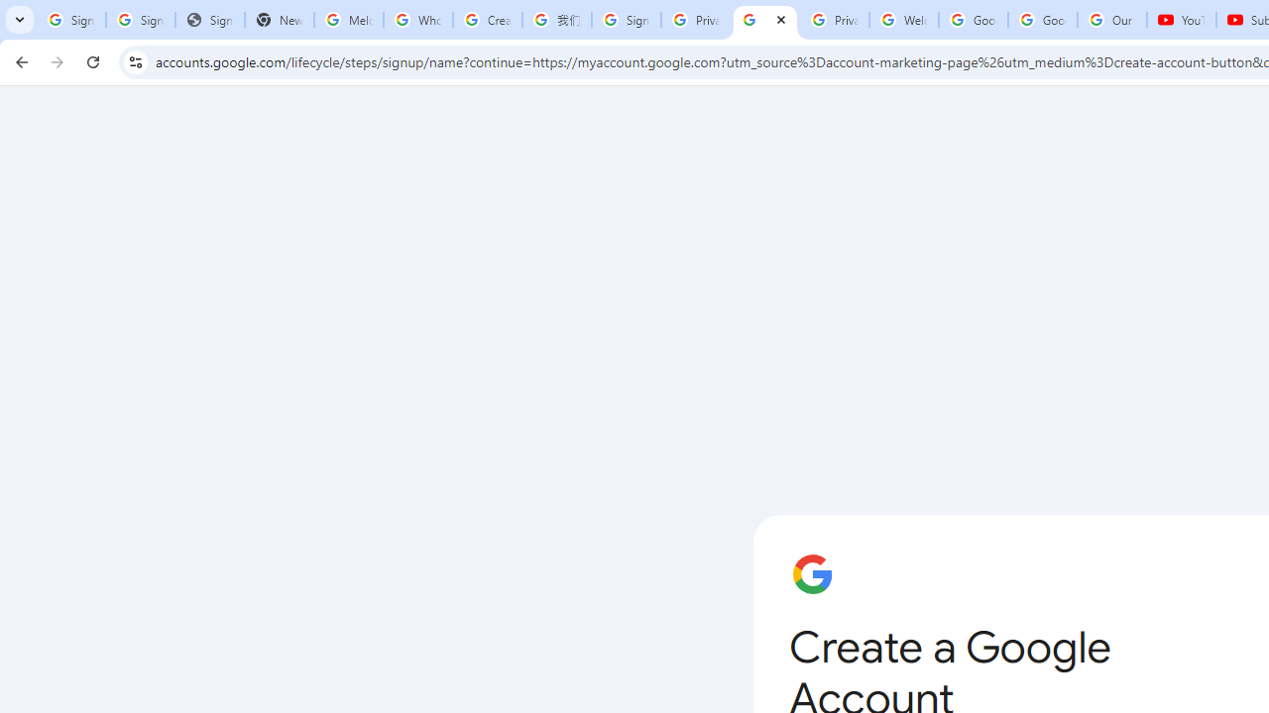  Describe the element at coordinates (134, 60) in the screenshot. I see `'View site information'` at that location.